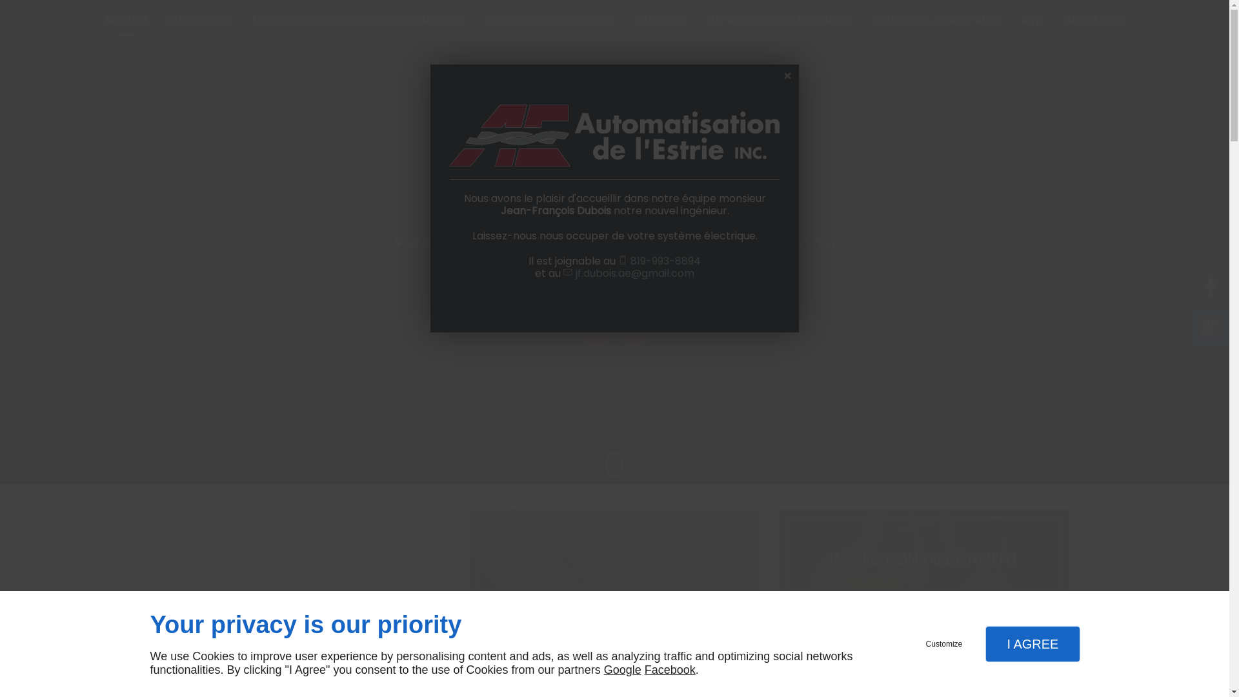 The width and height of the screenshot is (1239, 697). What do you see at coordinates (661, 20) in the screenshot?
I see `'PANNELIER'` at bounding box center [661, 20].